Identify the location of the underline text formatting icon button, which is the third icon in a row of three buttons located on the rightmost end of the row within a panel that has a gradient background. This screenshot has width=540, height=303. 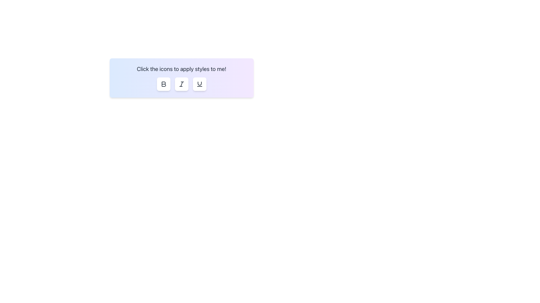
(199, 84).